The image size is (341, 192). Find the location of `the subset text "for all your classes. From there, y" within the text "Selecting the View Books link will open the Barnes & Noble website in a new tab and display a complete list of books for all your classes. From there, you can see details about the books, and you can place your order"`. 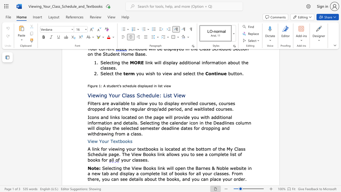

the subset text "for all your classes. From there, y" within the text "Selecting the View Books link will open the Barnes & Noble website in a new tab and display a complete list of books for all your classes. From there, you can see details about the books, and you can place your order" is located at coordinates (189, 173).